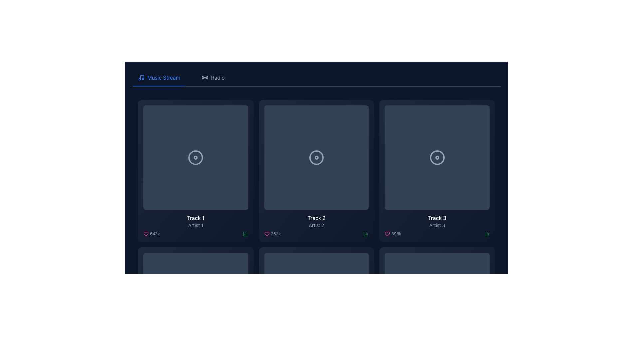 The width and height of the screenshot is (639, 359). Describe the element at coordinates (316, 171) in the screenshot. I see `the music item card` at that location.